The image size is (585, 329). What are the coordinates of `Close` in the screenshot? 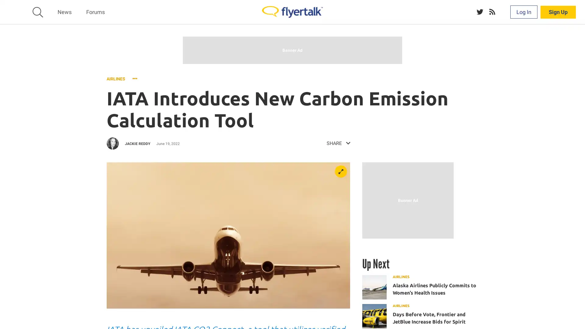 It's located at (577, 315).